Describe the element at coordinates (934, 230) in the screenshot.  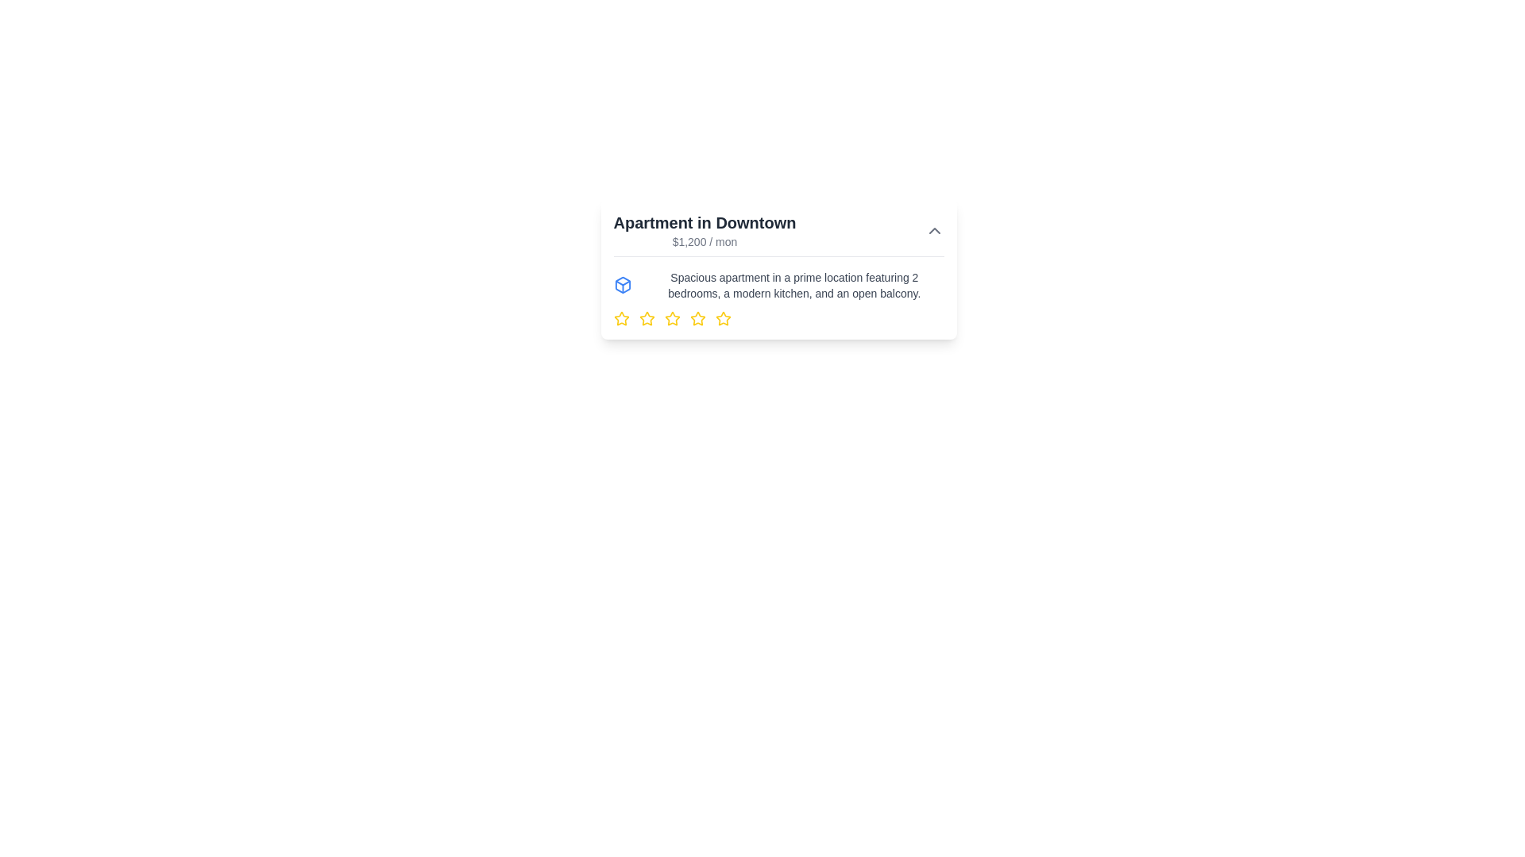
I see `the small triangular arrow icon pointing upwards, located at the far-right of the 'Apartment in Downtown' card` at that location.